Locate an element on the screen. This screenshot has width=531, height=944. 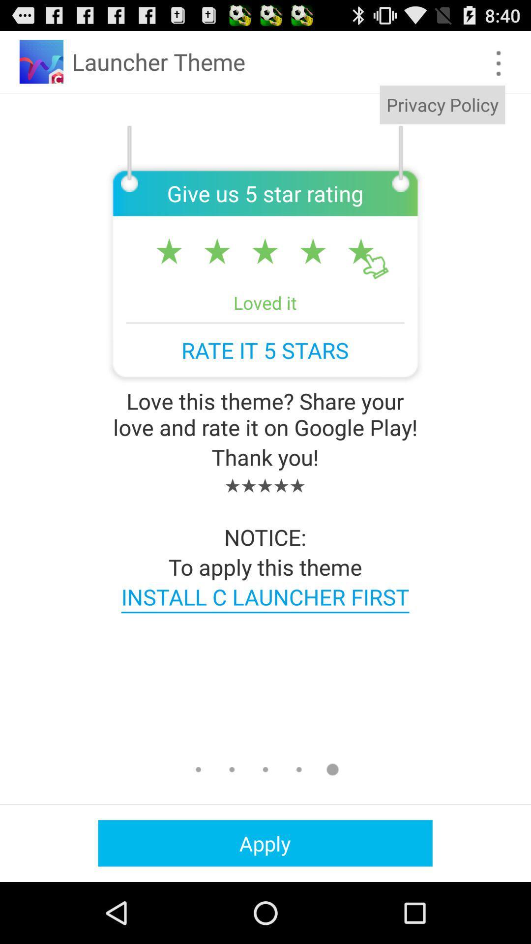
app to the right of launcher theme app is located at coordinates (499, 63).